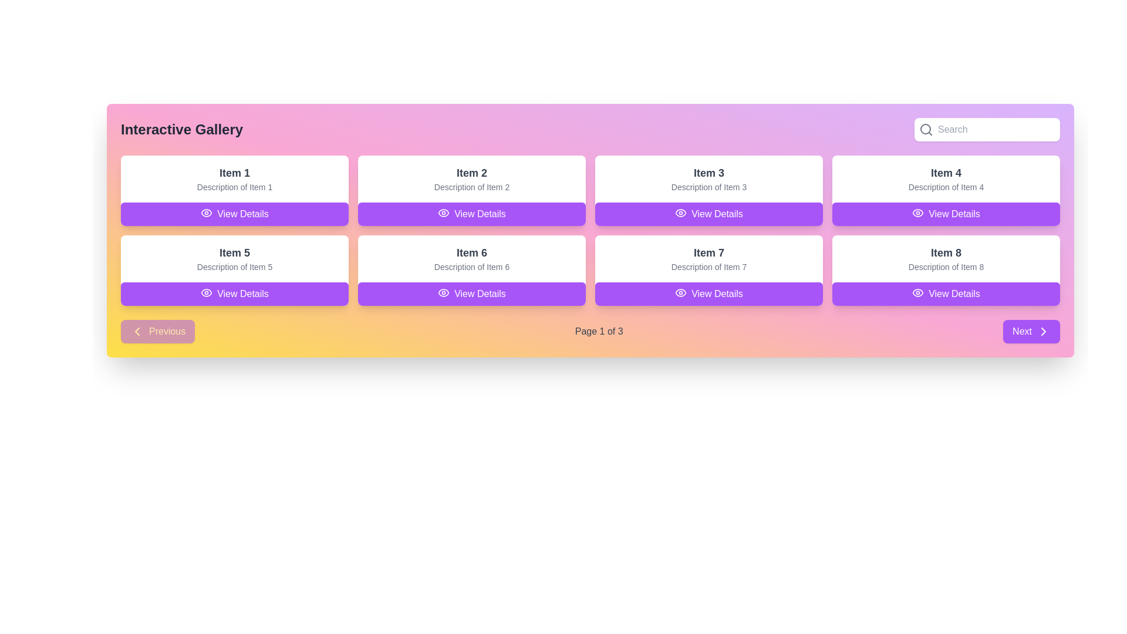 The width and height of the screenshot is (1127, 634). Describe the element at coordinates (207, 213) in the screenshot. I see `the eye-outline icon located within the 'View Details' button of 'Item 5' in the second row, left column of the grid layout` at that location.